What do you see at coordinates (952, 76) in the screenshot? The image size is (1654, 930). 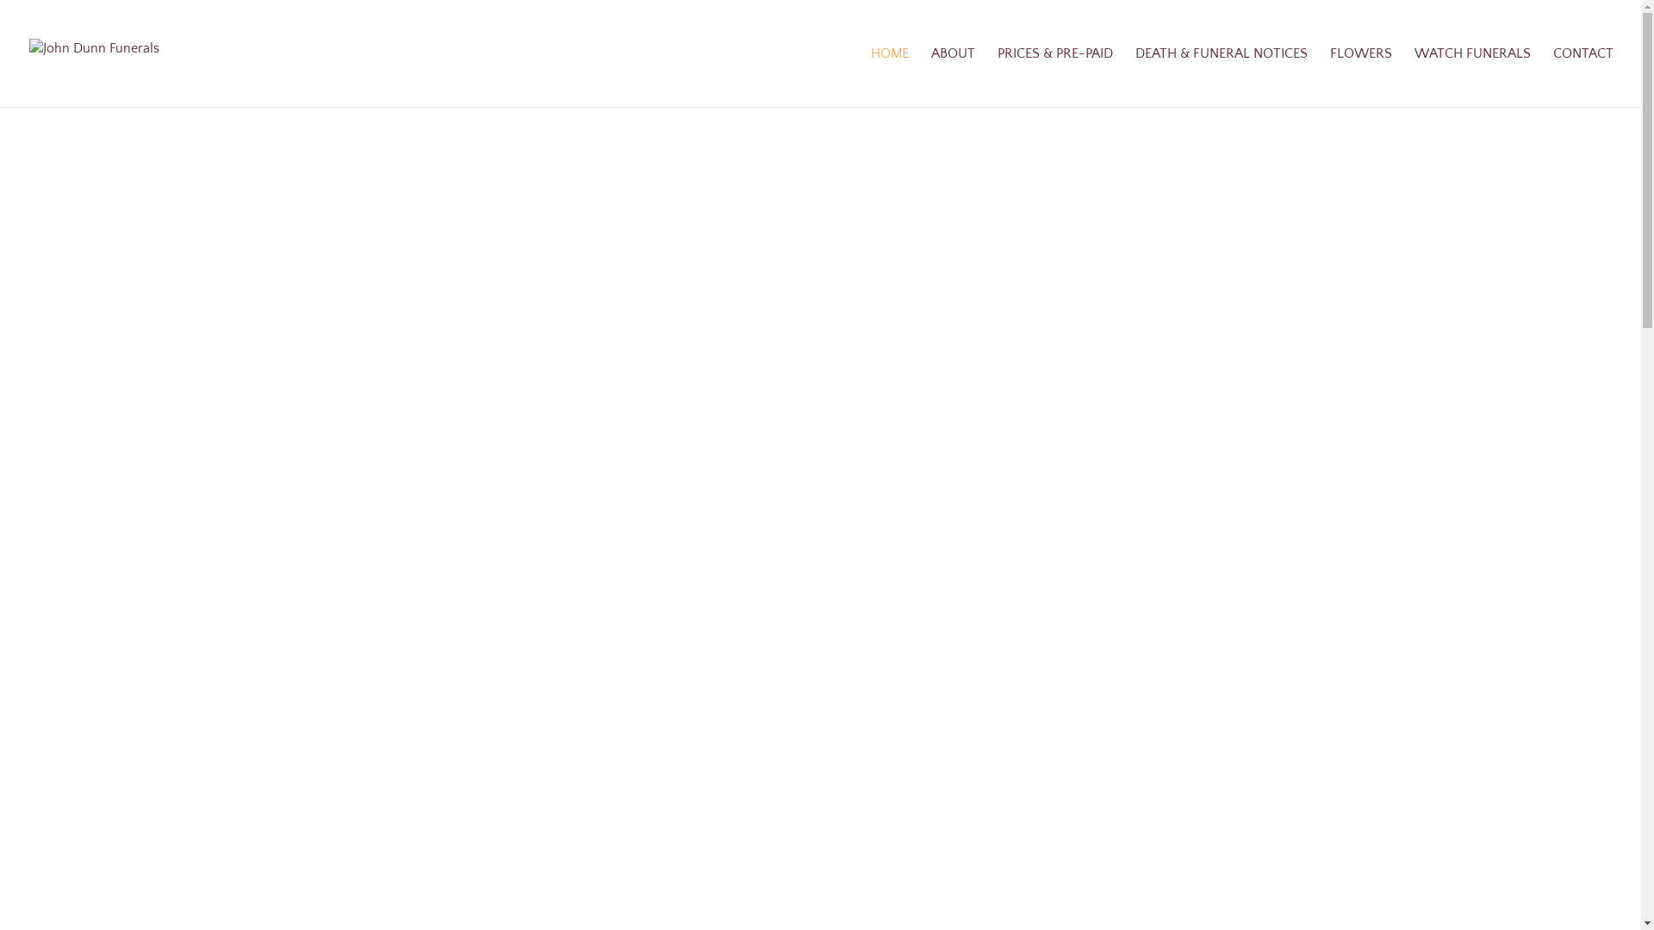 I see `'ABOUT'` at bounding box center [952, 76].